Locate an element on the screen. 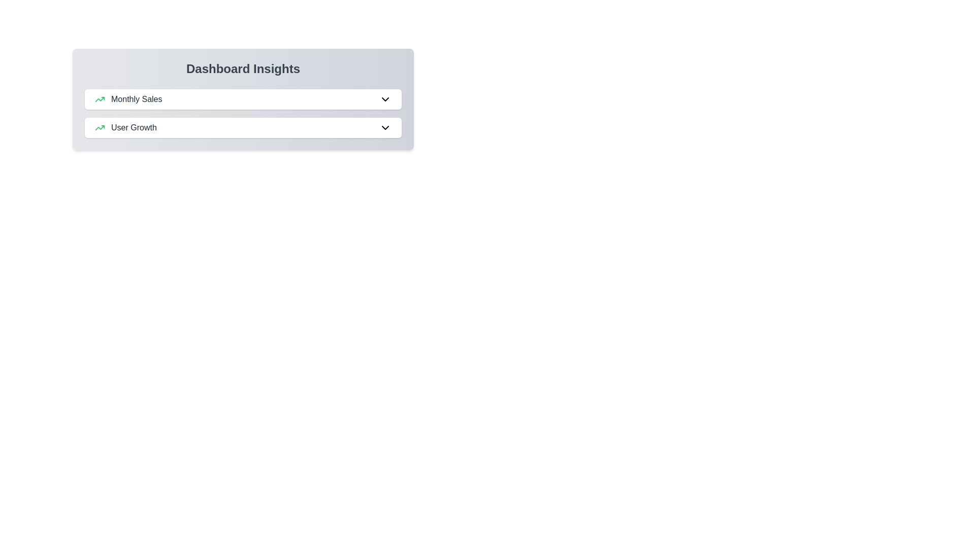  the dropdown icon for User Growth to toggle its details is located at coordinates (384, 127).